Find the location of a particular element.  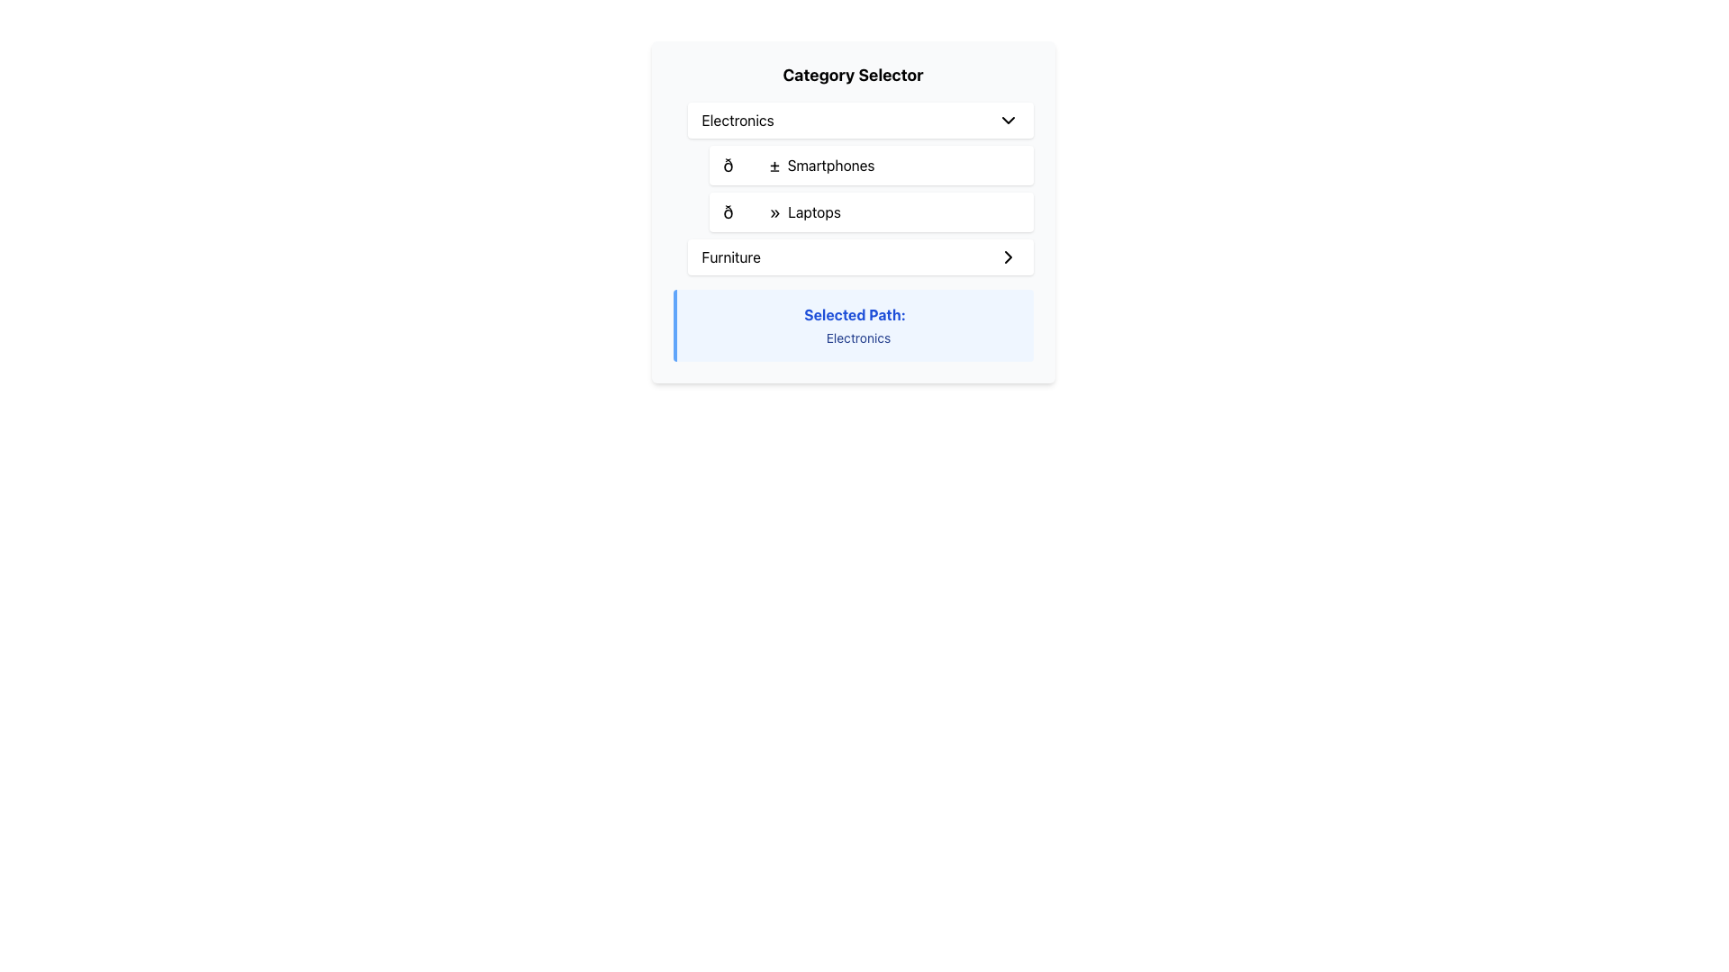

'Smartphones' category label, which is the second text label in a vertically aligned list, positioned to the right of an icon is located at coordinates (830, 166).